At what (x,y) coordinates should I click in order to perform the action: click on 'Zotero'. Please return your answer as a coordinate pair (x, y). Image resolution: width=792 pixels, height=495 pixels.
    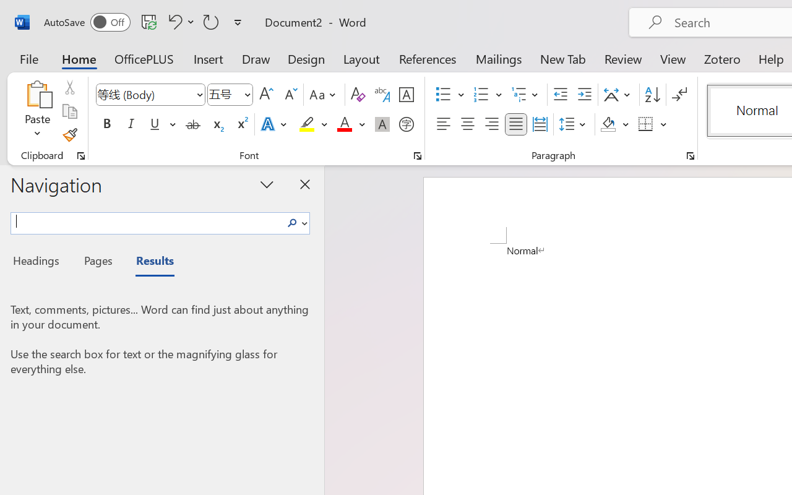
    Looking at the image, I should click on (722, 58).